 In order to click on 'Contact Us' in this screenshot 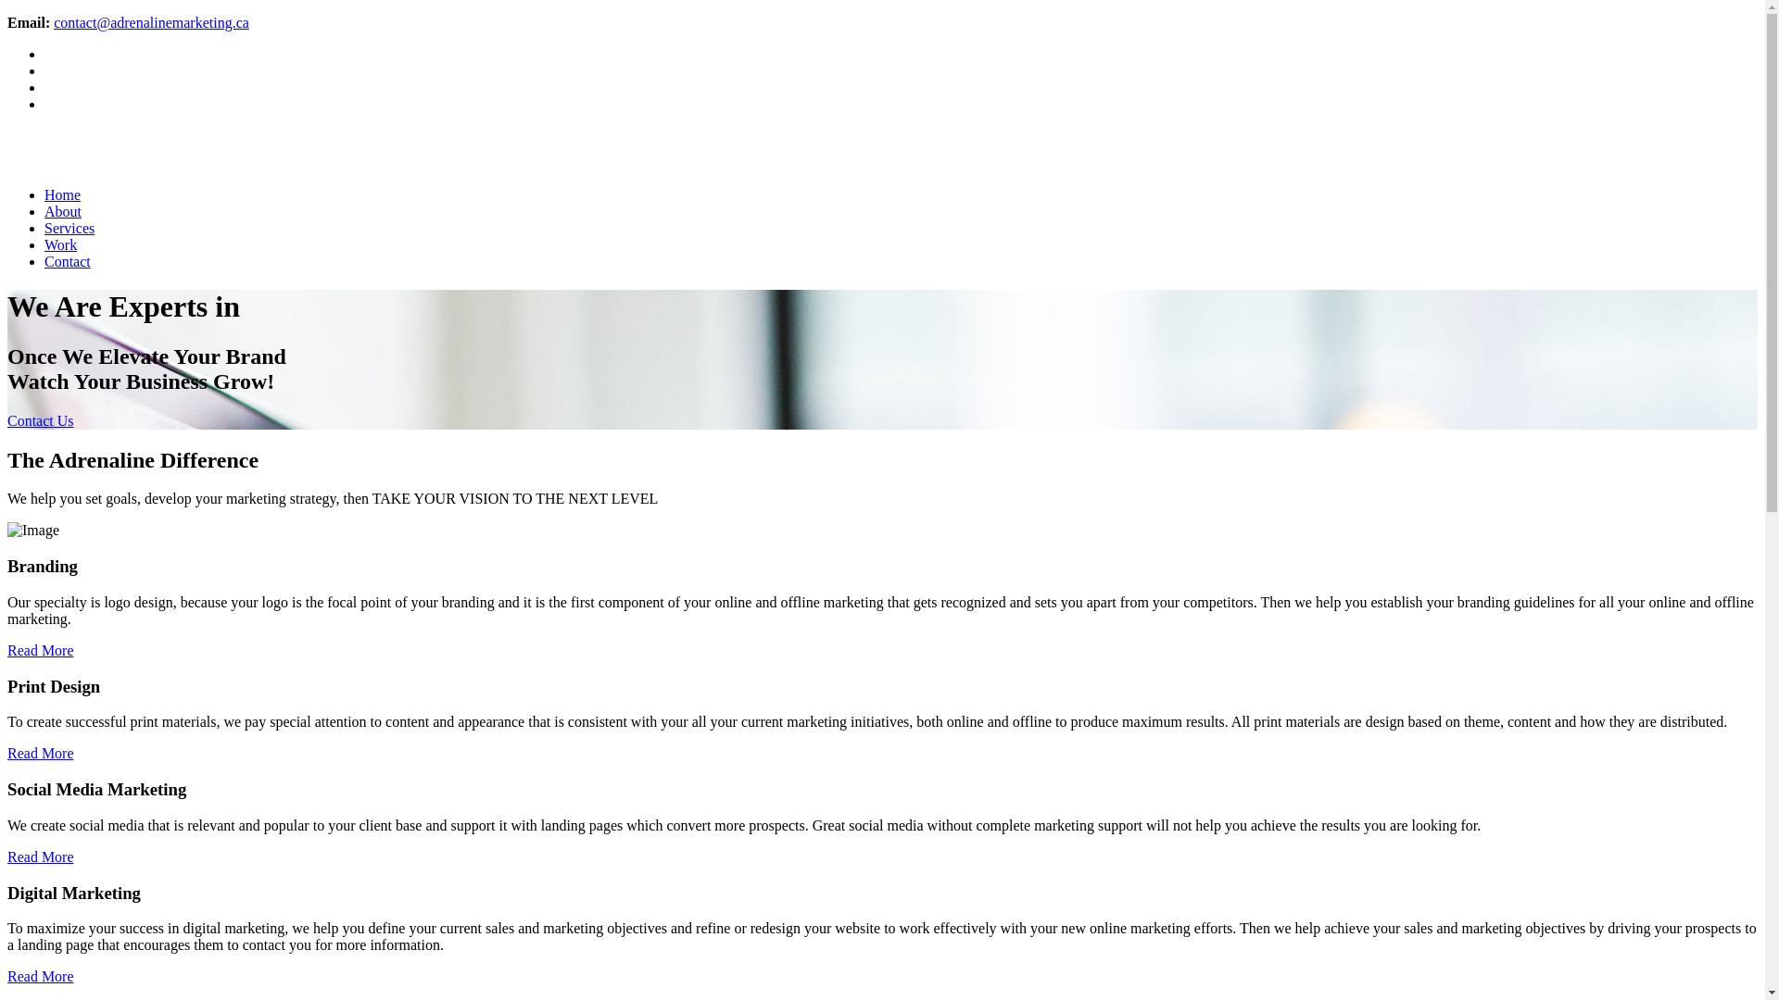, I will do `click(40, 420)`.